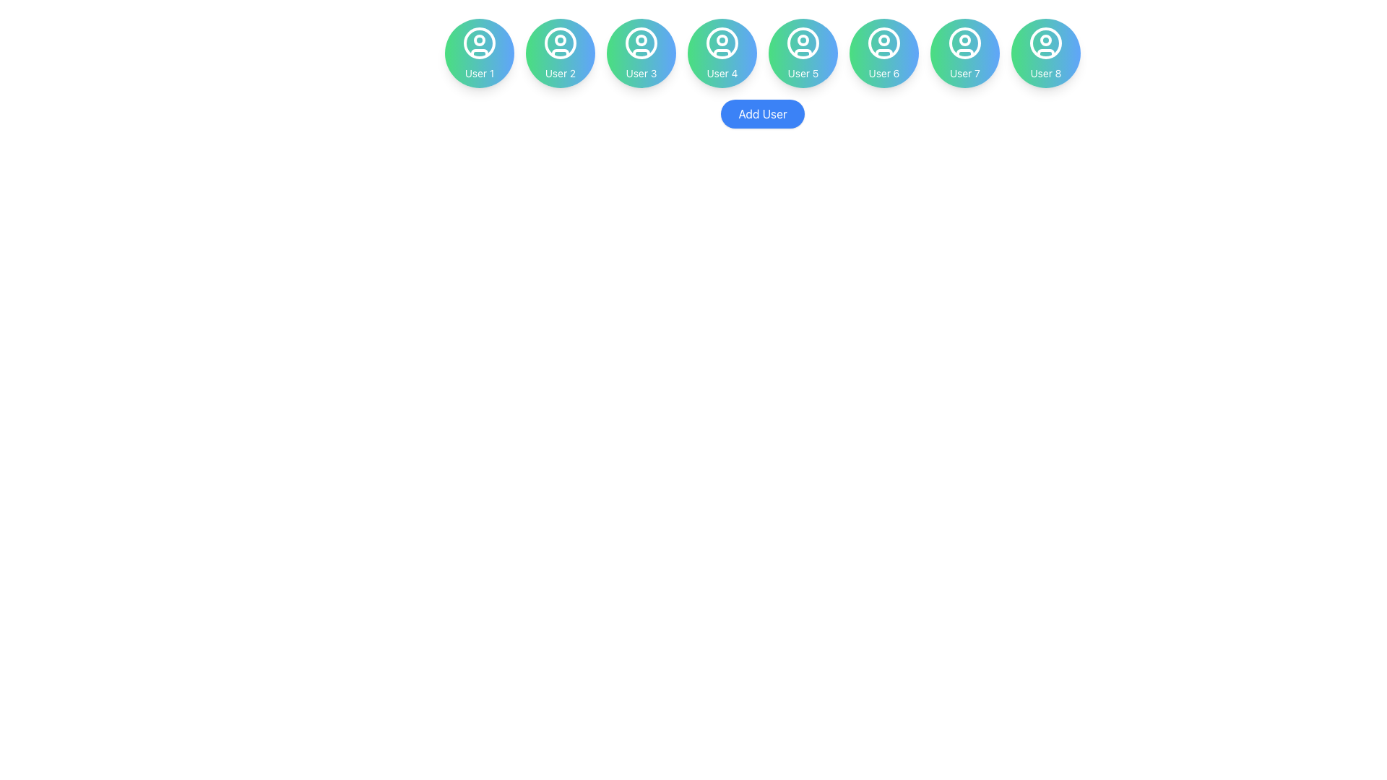  I want to click on the SVG Icon representing the user profile functionality located within the fourth rounded card labeled 'User 4', so click(722, 43).